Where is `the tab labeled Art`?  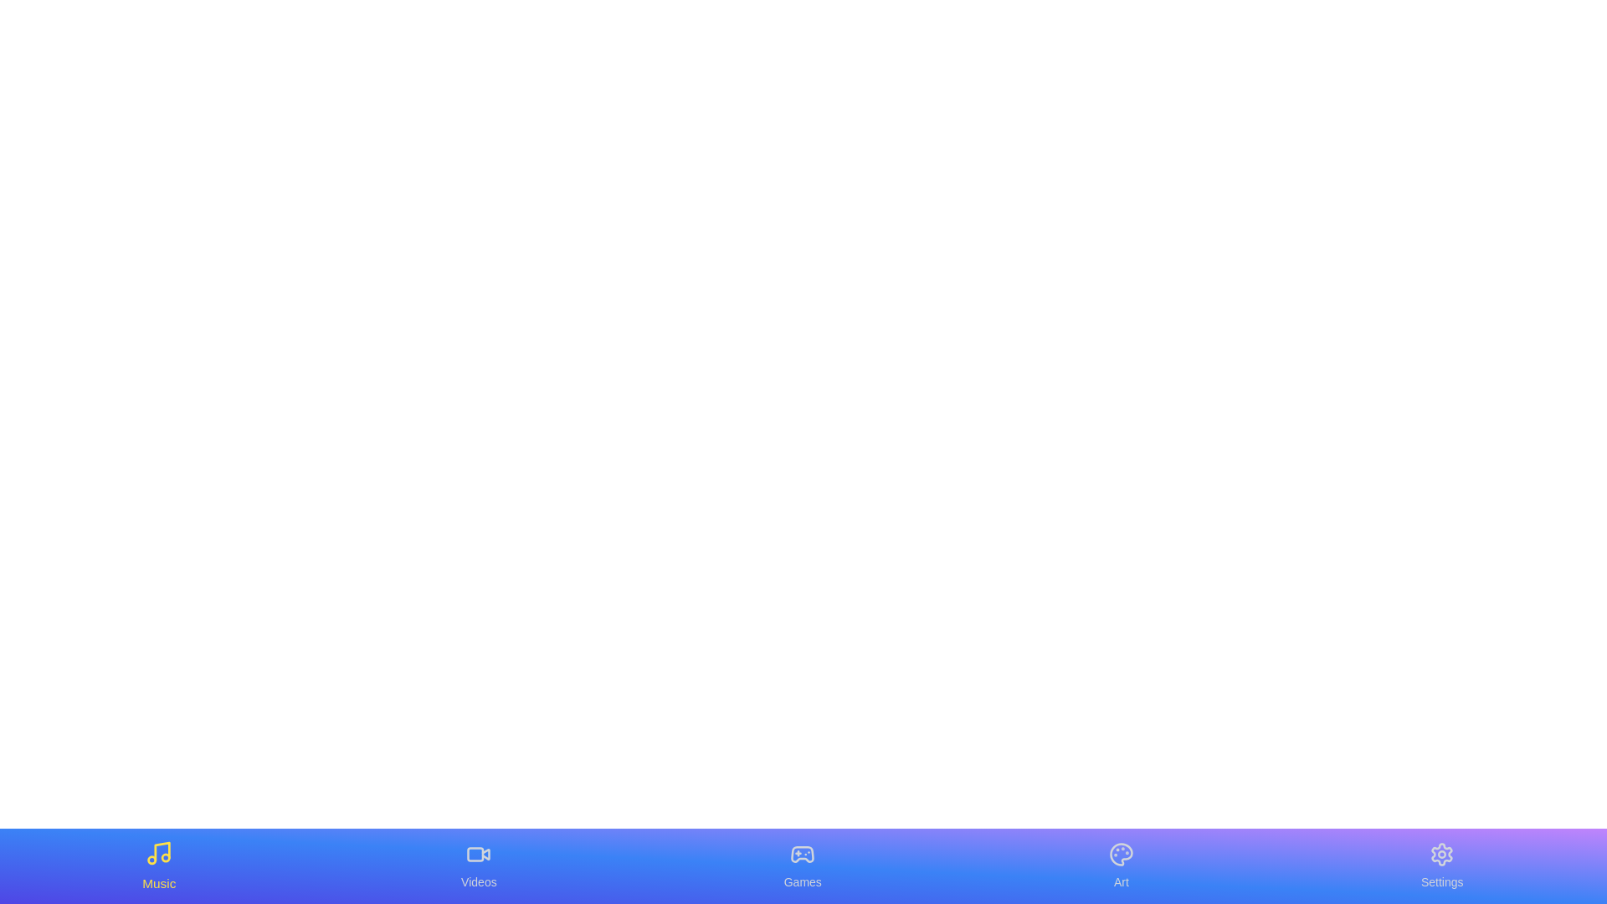
the tab labeled Art is located at coordinates (1121, 865).